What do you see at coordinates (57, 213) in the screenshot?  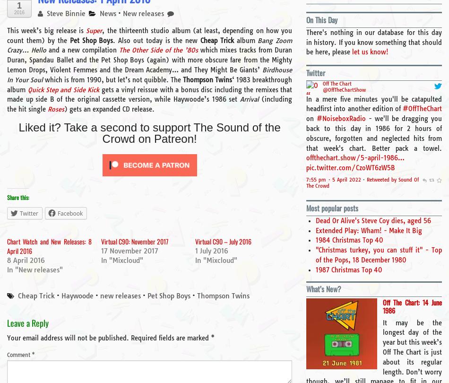 I see `'Facebook'` at bounding box center [57, 213].